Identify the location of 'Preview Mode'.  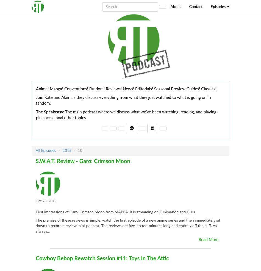
(87, 46).